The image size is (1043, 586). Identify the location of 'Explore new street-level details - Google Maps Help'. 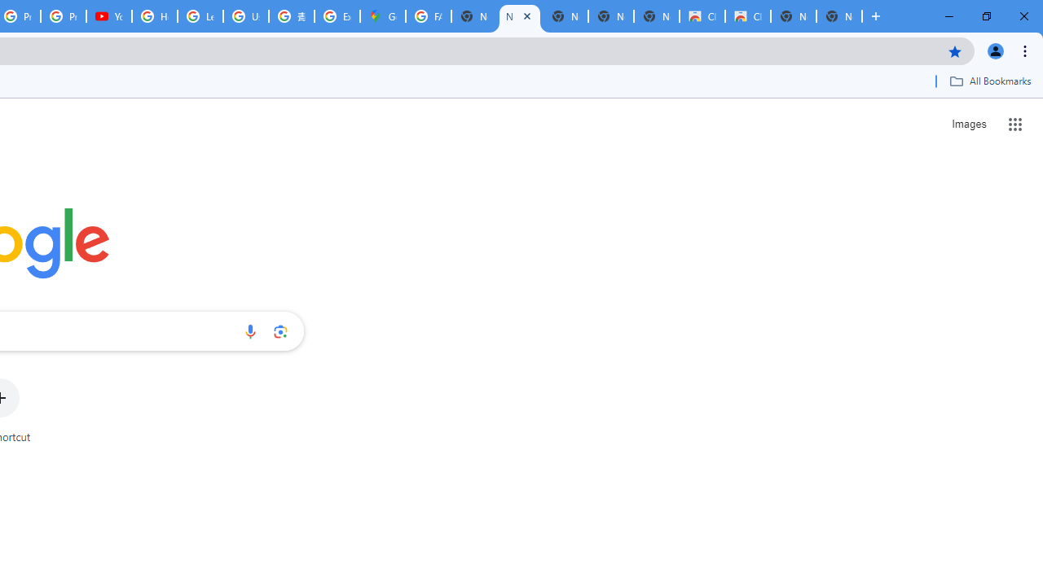
(337, 16).